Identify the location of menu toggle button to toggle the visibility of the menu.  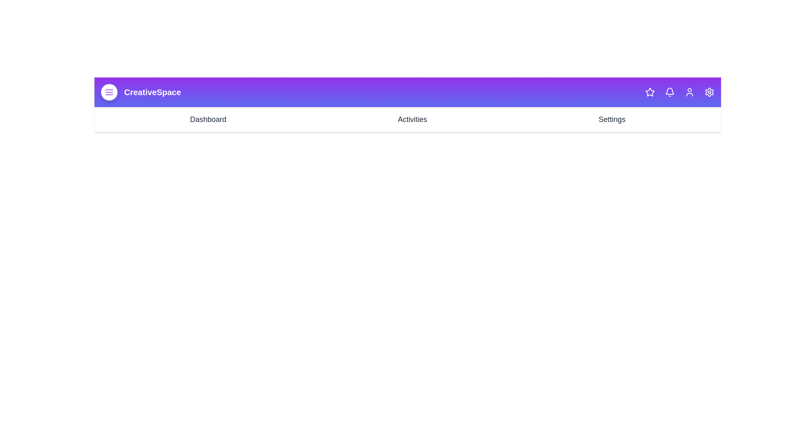
(108, 92).